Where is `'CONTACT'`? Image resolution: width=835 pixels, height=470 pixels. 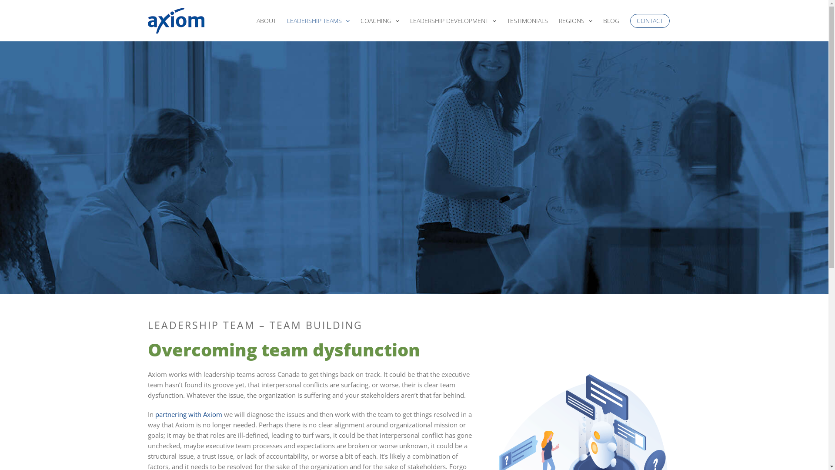
'CONTACT' is located at coordinates (650, 20).